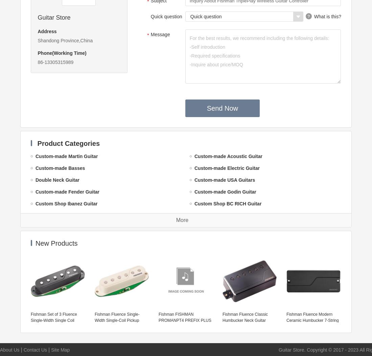  Describe the element at coordinates (227, 168) in the screenshot. I see `'Custom-made Electric Guitar'` at that location.